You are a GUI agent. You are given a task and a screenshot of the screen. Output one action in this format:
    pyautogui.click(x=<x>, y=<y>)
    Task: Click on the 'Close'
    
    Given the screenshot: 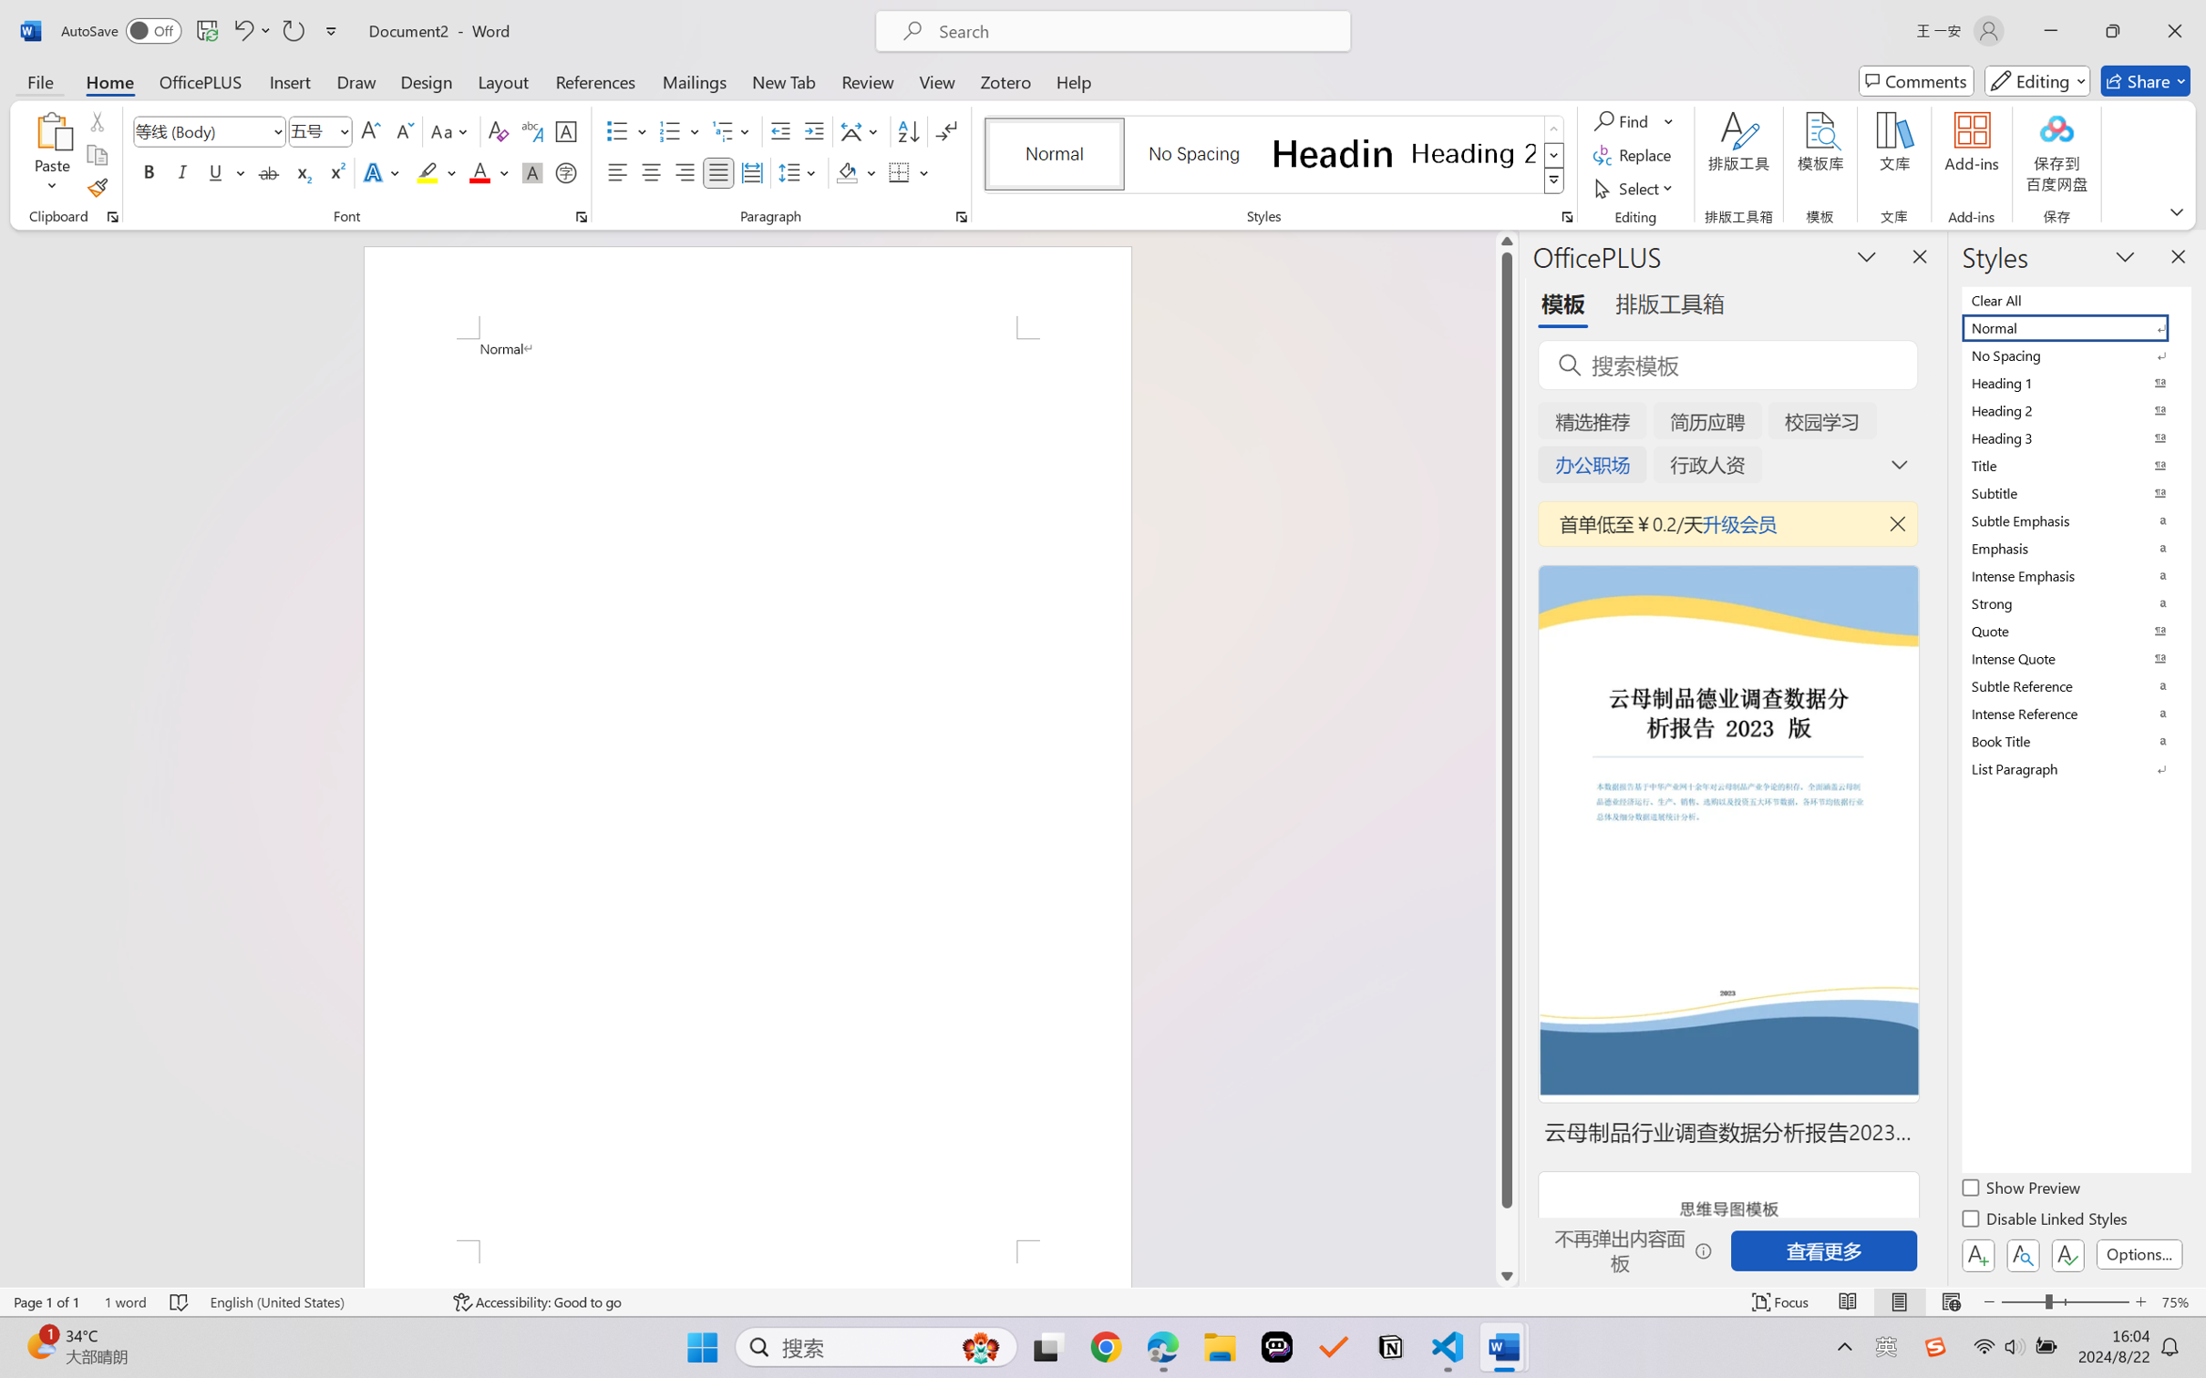 What is the action you would take?
    pyautogui.click(x=2174, y=30)
    